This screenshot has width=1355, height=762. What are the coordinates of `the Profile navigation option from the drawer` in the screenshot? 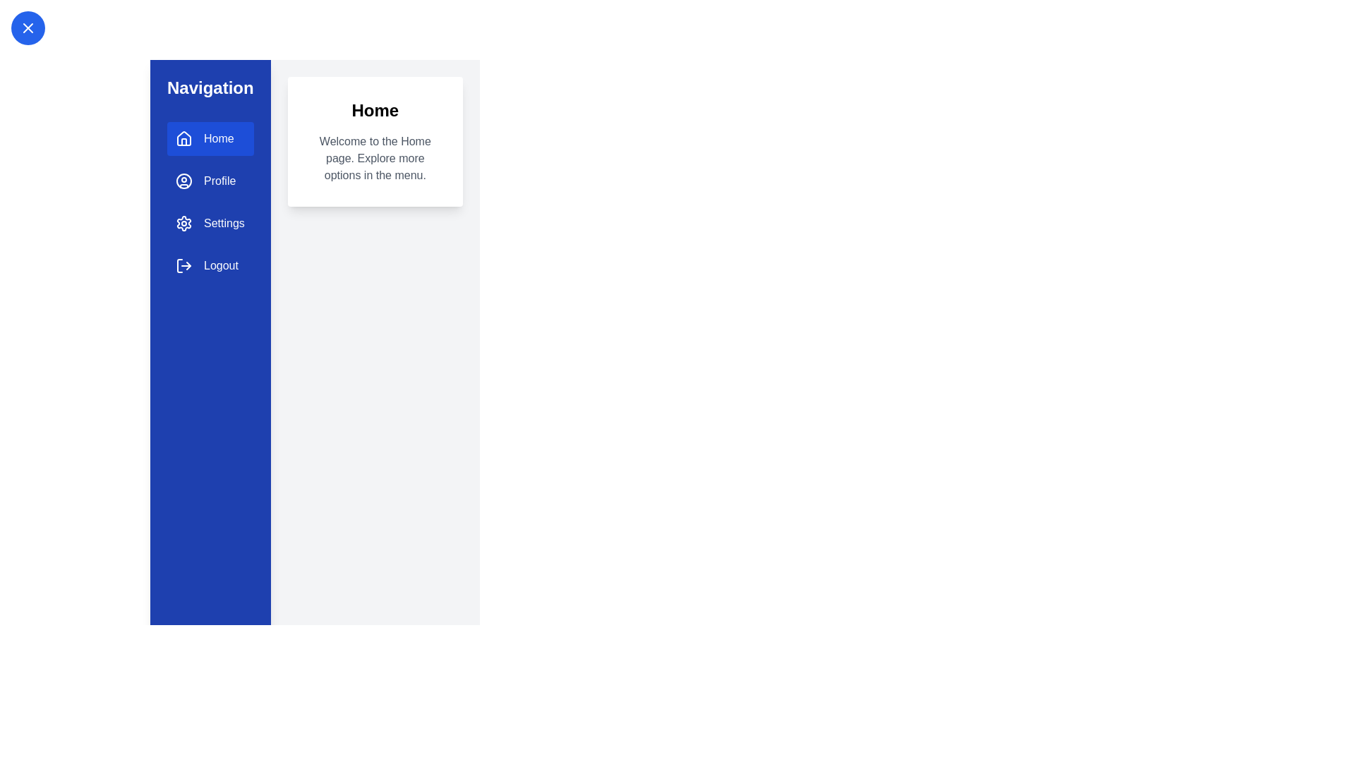 It's located at (209, 181).